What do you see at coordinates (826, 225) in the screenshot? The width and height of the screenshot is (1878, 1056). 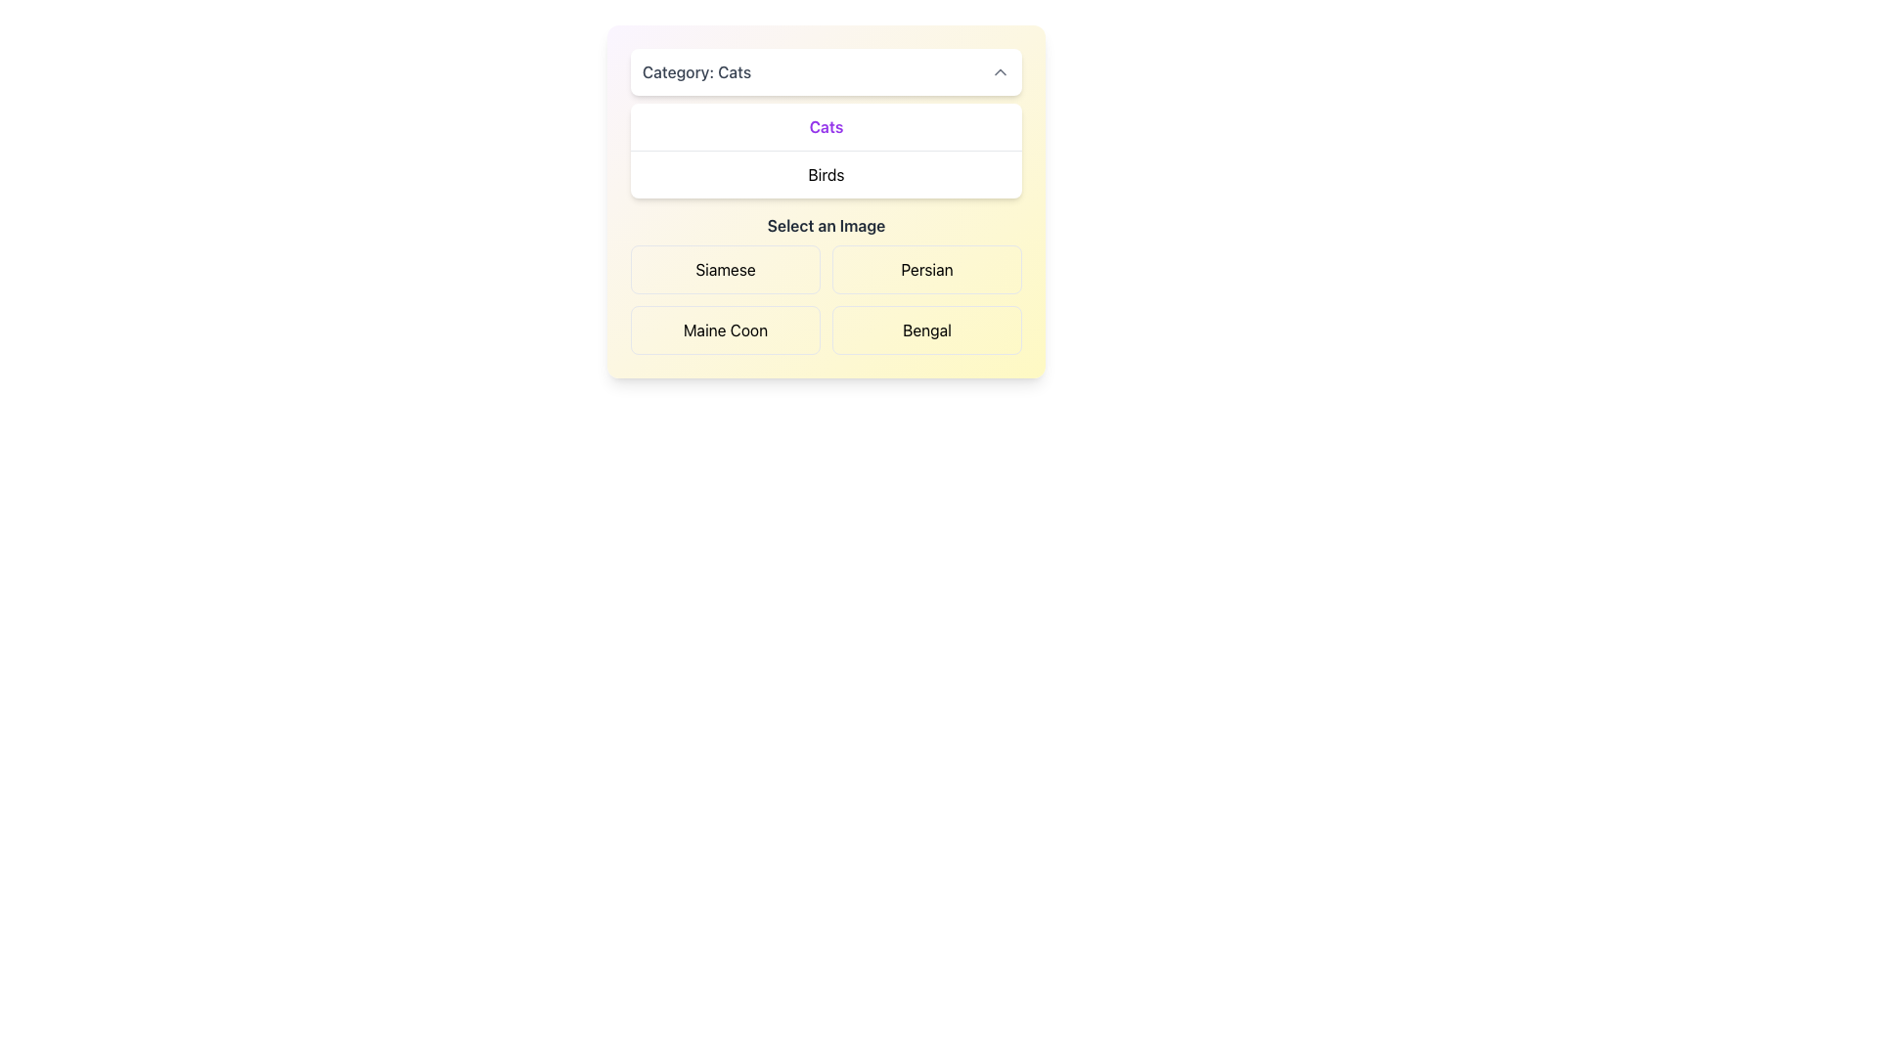 I see `the text label instructing the user to choose an image from the options below, which is positioned above the clickable image selection tiles for 'Siamese,' 'Persian,' 'Maine Coon,' and 'Bengal.'` at bounding box center [826, 225].